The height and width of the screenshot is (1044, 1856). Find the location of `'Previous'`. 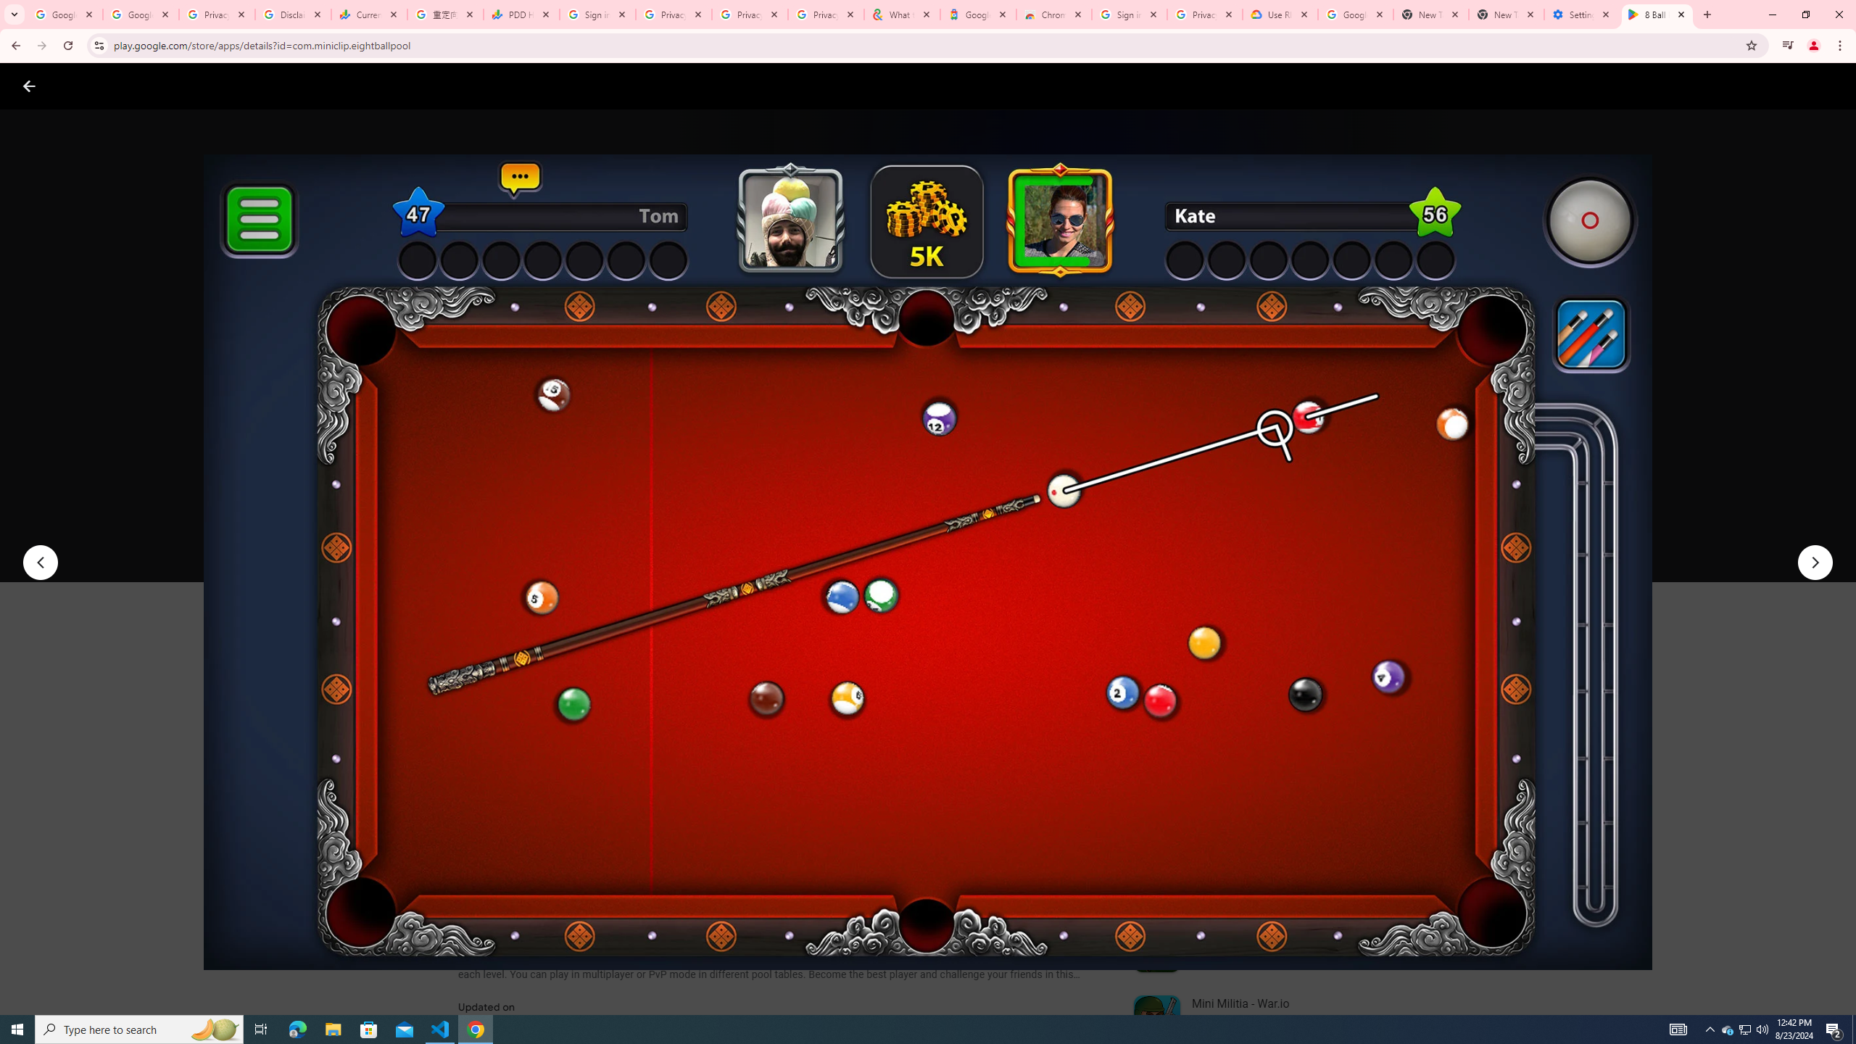

'Previous' is located at coordinates (39, 562).